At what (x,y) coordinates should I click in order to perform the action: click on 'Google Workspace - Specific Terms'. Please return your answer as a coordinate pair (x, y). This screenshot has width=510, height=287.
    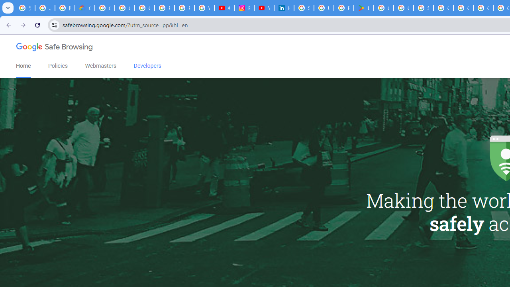
    Looking at the image, I should click on (404, 8).